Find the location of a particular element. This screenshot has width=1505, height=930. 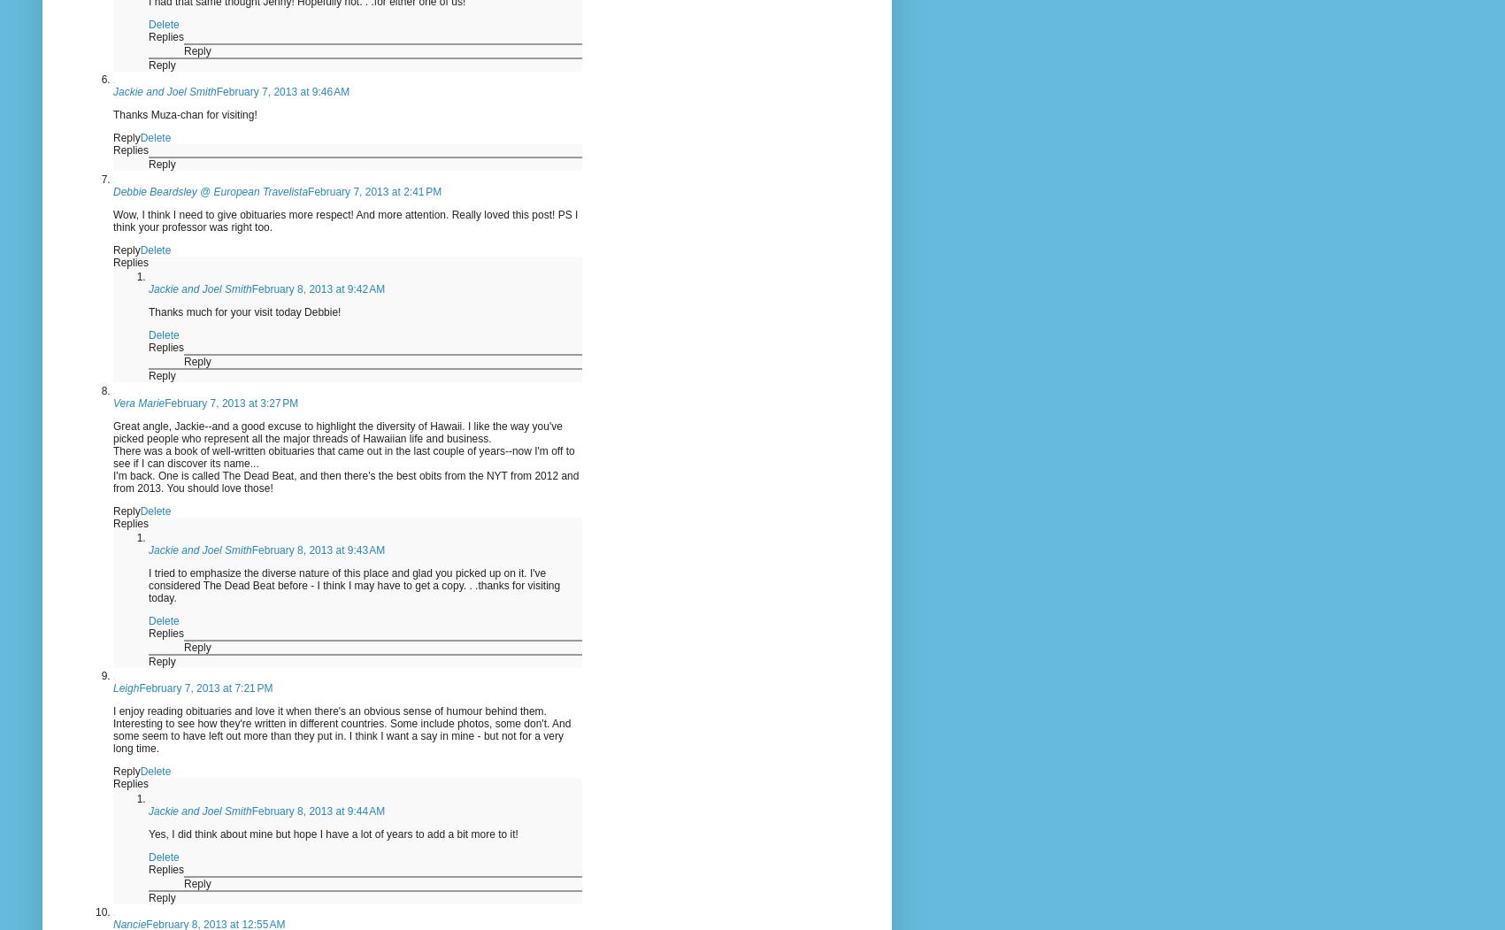

'February 8, 2013 at 9:42 AM' is located at coordinates (318, 288).